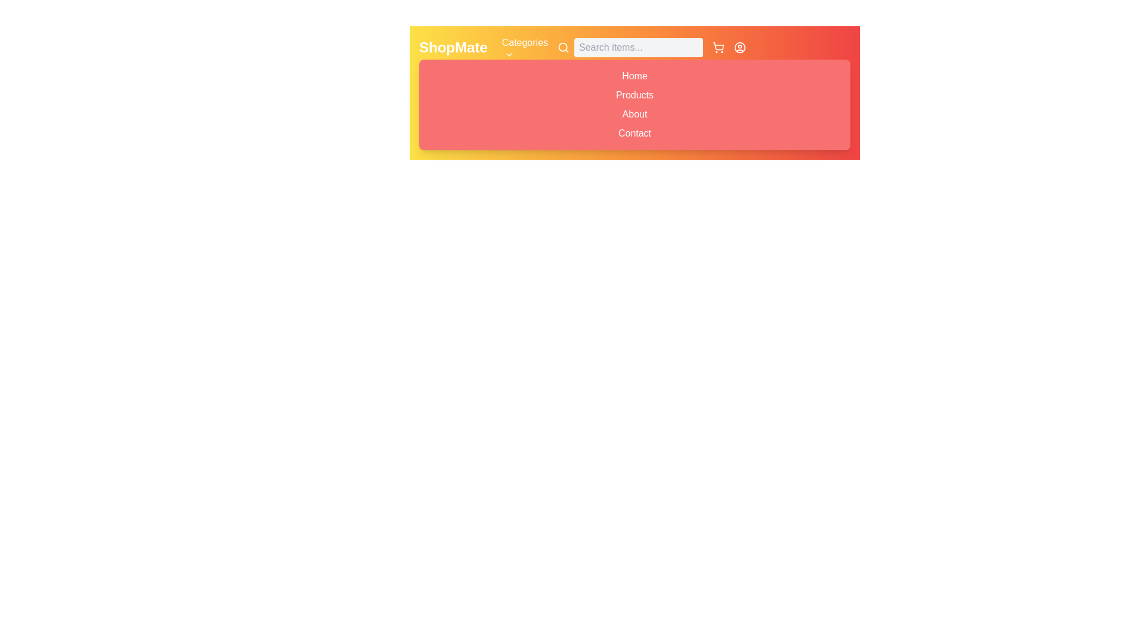  Describe the element at coordinates (634, 133) in the screenshot. I see `the hyperlink labeled 'Contact' that is the fourth item in a vertical list, located near the middle-right of the red background panel` at that location.